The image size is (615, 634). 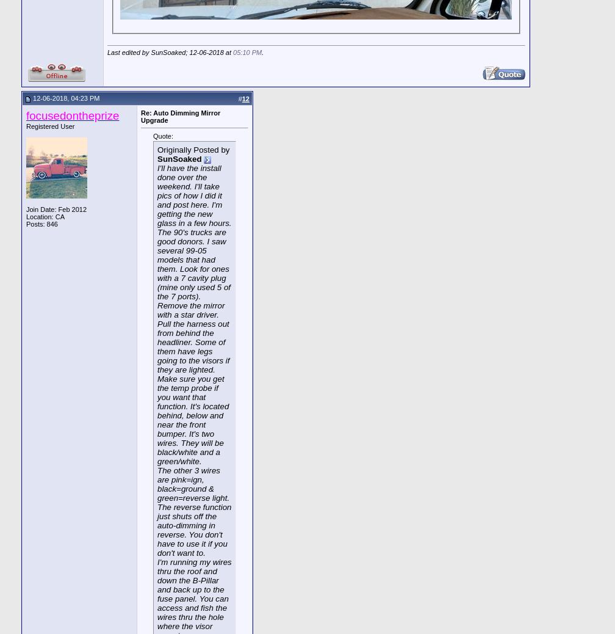 What do you see at coordinates (73, 114) in the screenshot?
I see `'focusedontheprize'` at bounding box center [73, 114].